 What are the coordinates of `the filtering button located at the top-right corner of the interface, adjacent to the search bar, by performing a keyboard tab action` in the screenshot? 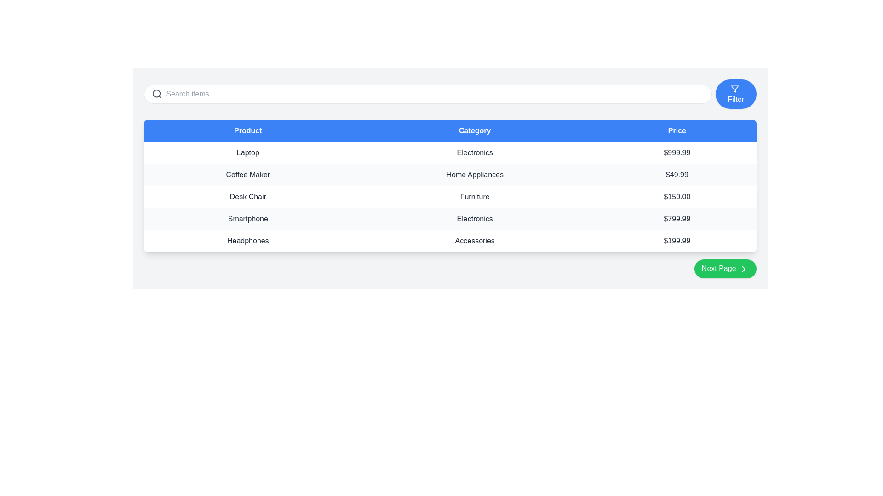 It's located at (736, 94).